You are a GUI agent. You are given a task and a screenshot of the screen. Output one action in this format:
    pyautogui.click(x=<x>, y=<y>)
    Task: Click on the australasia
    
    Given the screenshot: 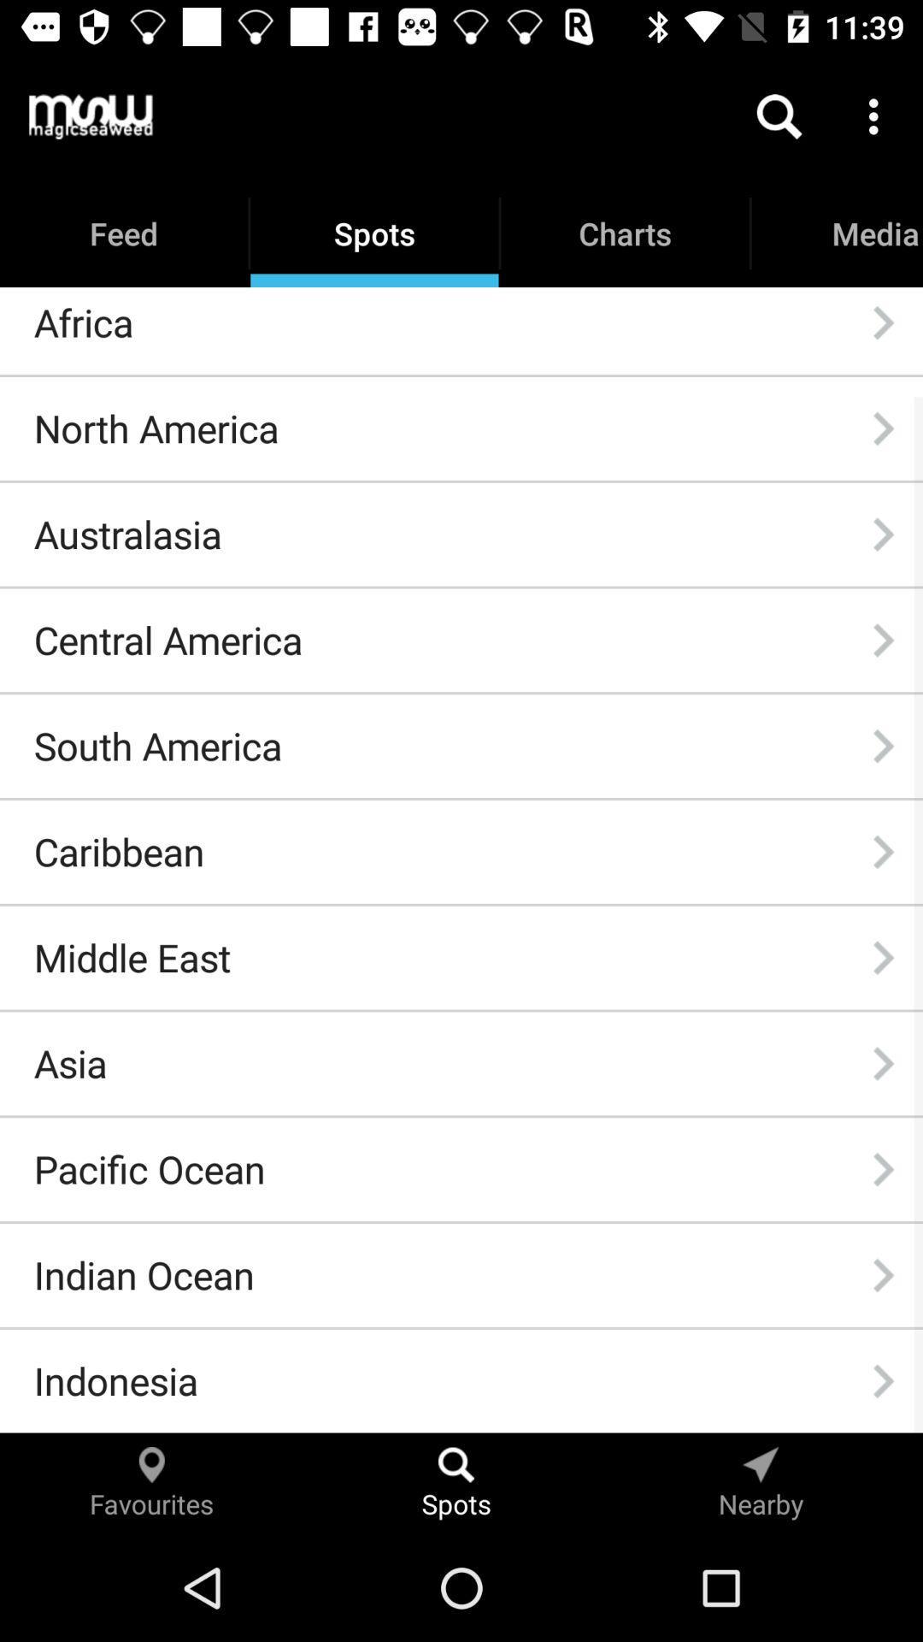 What is the action you would take?
    pyautogui.click(x=126, y=533)
    